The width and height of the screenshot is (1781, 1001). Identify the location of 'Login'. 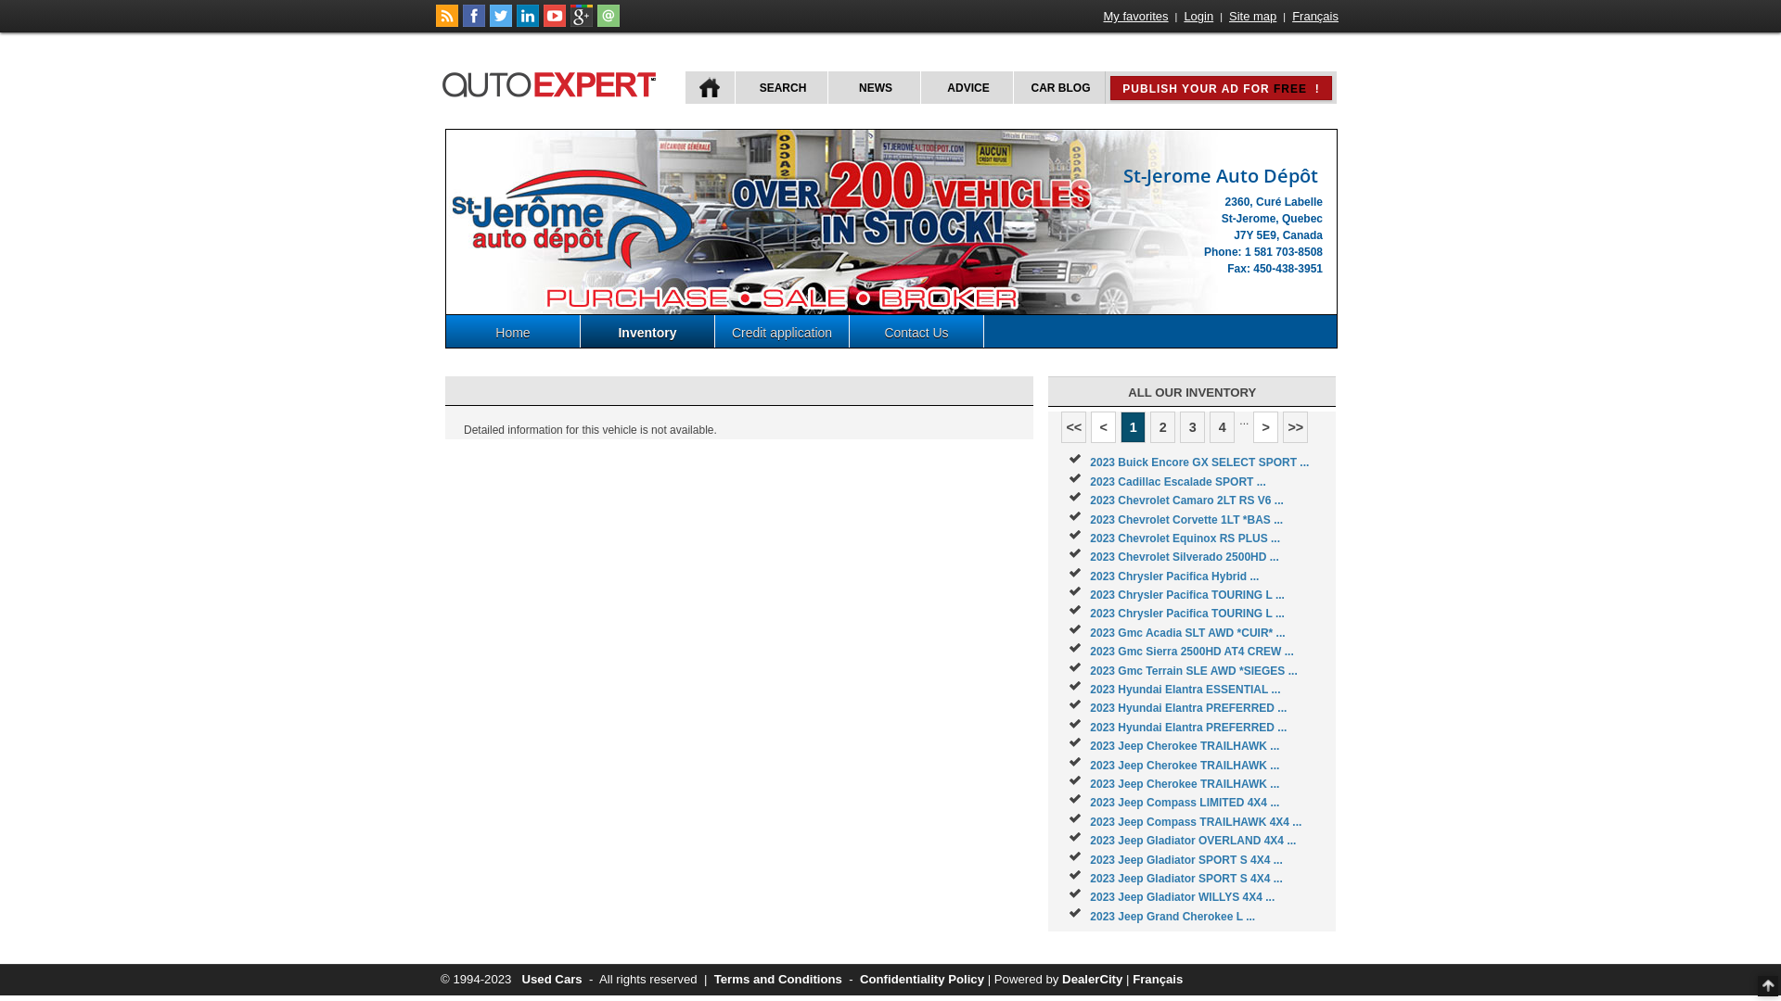
(1198, 16).